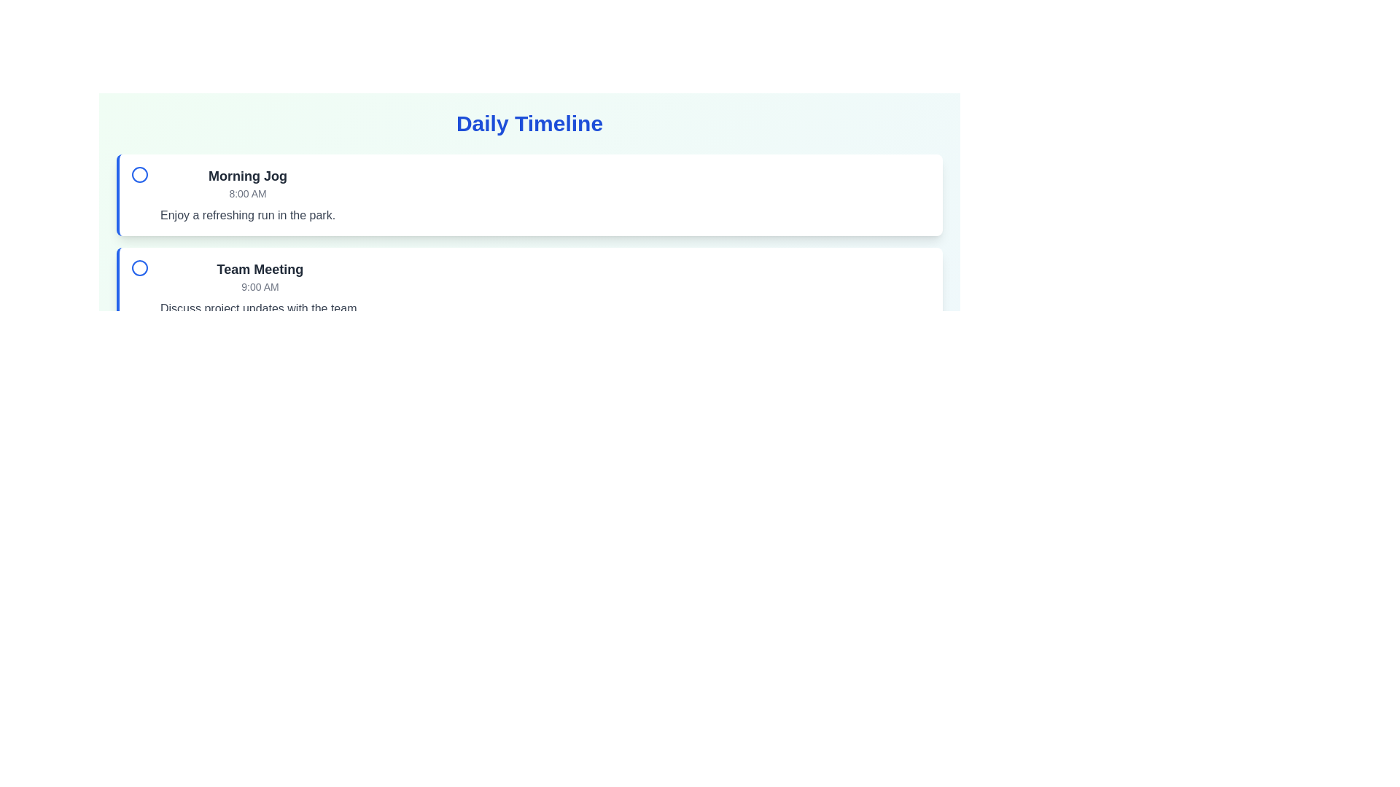 Image resolution: width=1400 pixels, height=787 pixels. Describe the element at coordinates (248, 194) in the screenshot. I see `the informational card displaying 'Morning Jog' scheduled at '8:00 AM'` at that location.